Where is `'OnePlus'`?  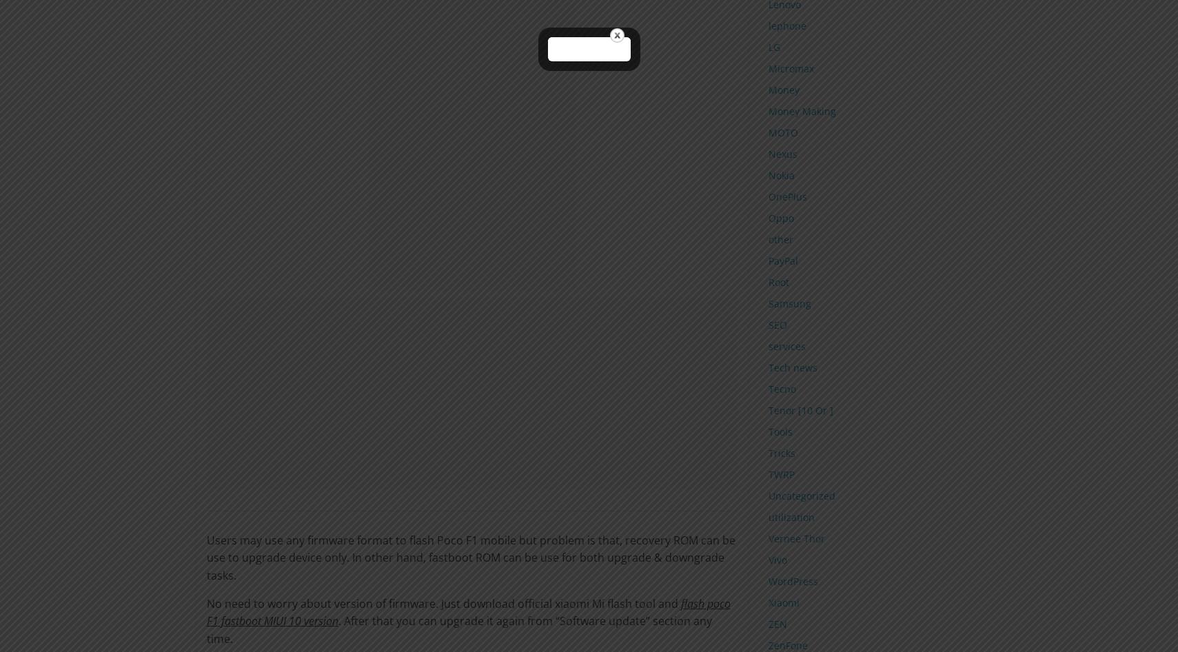
'OnePlus' is located at coordinates (786, 195).